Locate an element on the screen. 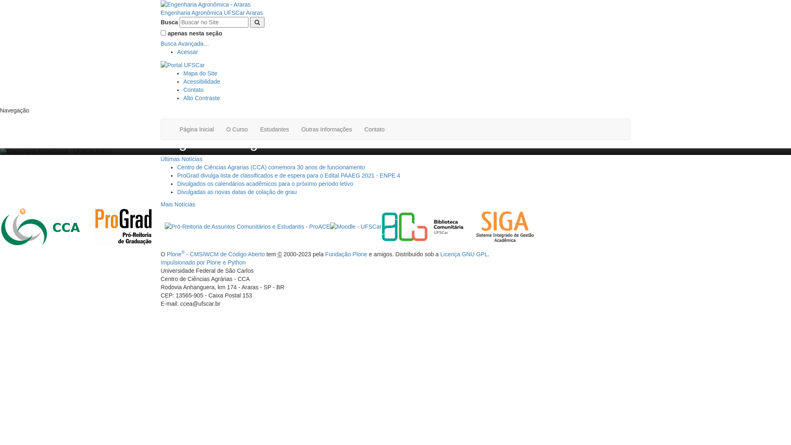 This screenshot has width=791, height=445. 'Buscar no Site' is located at coordinates (179, 22).